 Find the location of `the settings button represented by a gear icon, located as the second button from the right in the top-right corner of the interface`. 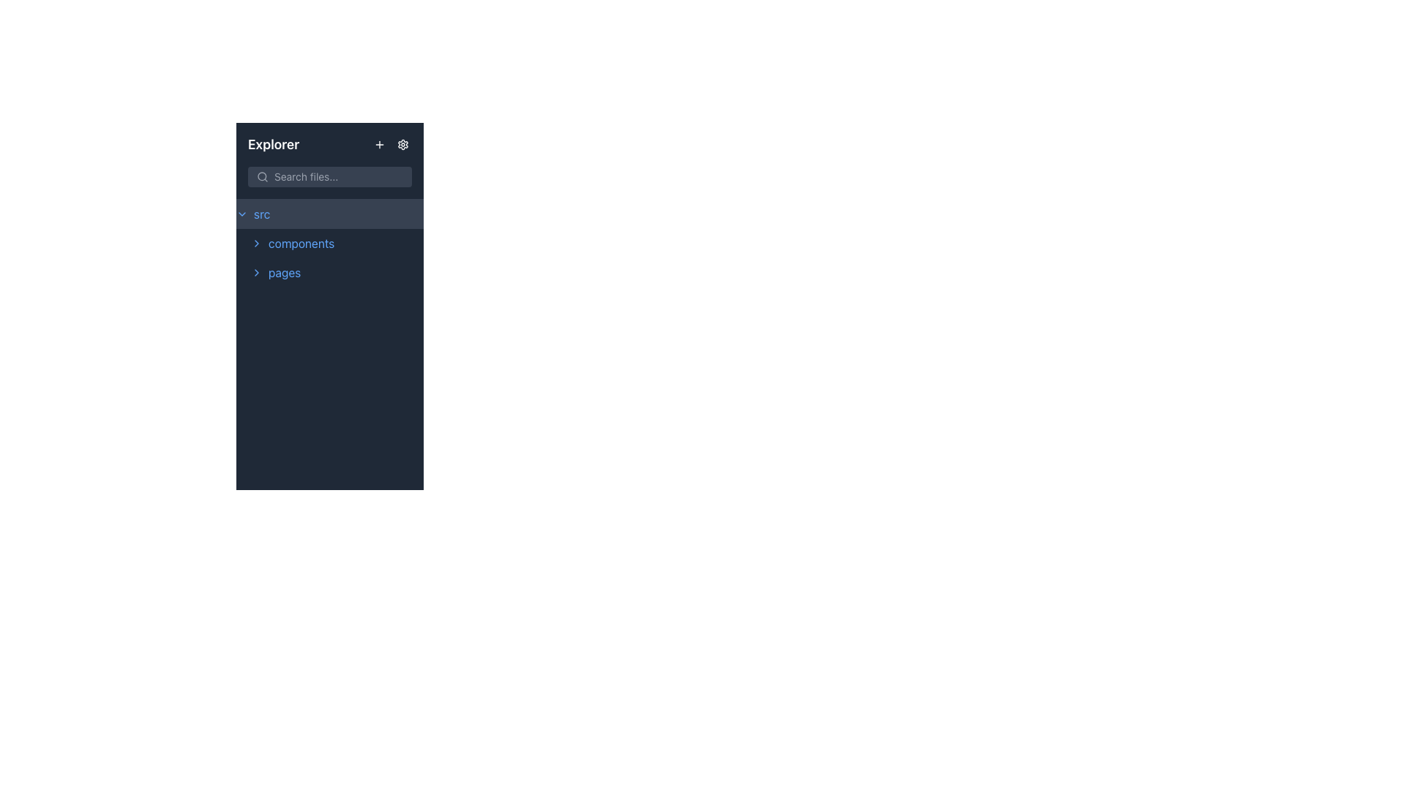

the settings button represented by a gear icon, located as the second button from the right in the top-right corner of the interface is located at coordinates (403, 144).